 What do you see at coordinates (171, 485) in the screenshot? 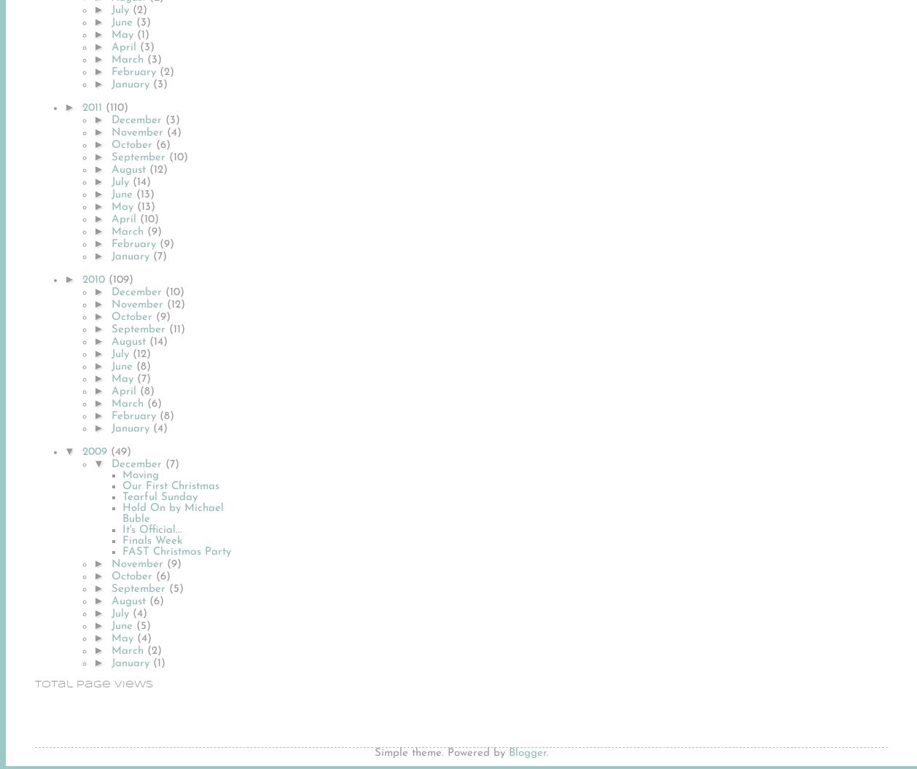
I see `'Our First Christmas'` at bounding box center [171, 485].